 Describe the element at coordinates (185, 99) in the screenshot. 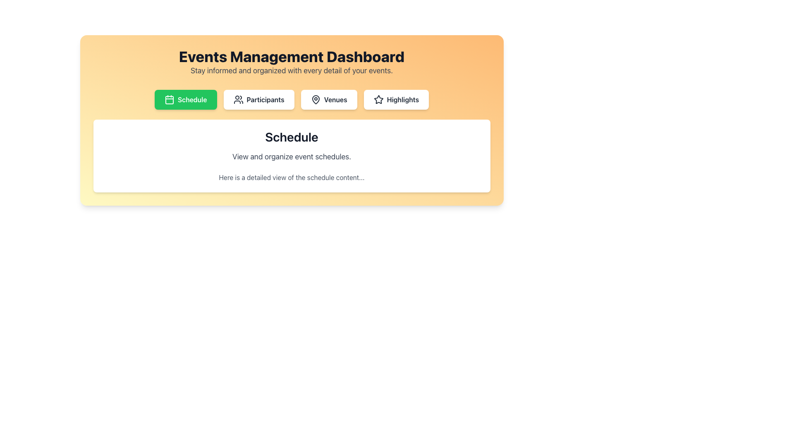

I see `the first button from the left in the header section` at that location.